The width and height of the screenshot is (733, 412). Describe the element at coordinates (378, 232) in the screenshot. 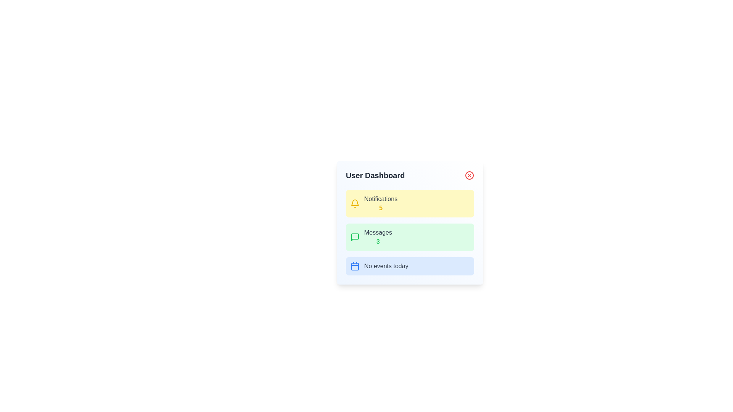

I see `text content of the 'Messages' label, which identifies the section of the interface related to messages` at that location.